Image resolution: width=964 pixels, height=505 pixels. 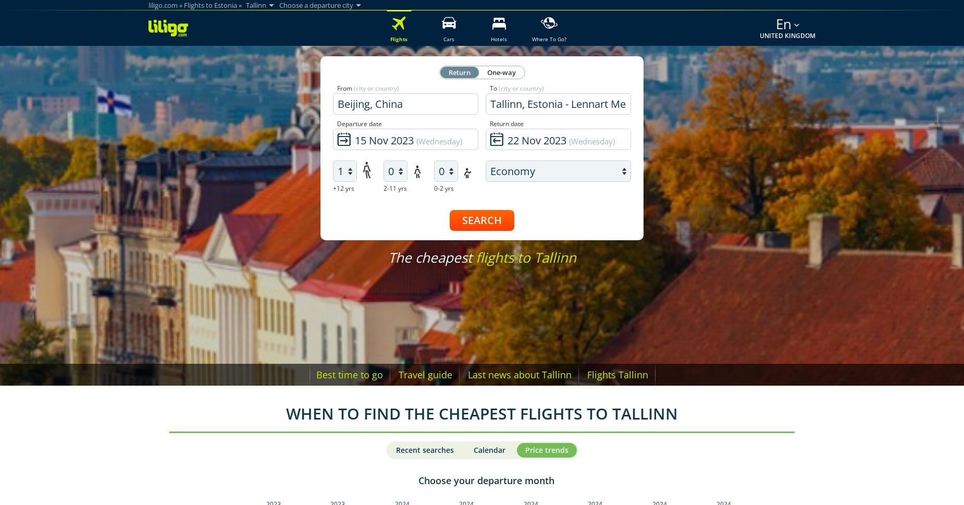 What do you see at coordinates (449, 39) in the screenshot?
I see `'Cars'` at bounding box center [449, 39].